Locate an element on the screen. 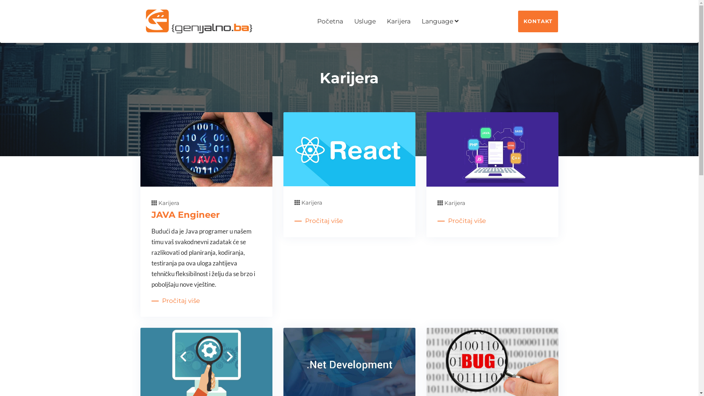 Image resolution: width=704 pixels, height=396 pixels. 'KONTAKT' is located at coordinates (538, 21).